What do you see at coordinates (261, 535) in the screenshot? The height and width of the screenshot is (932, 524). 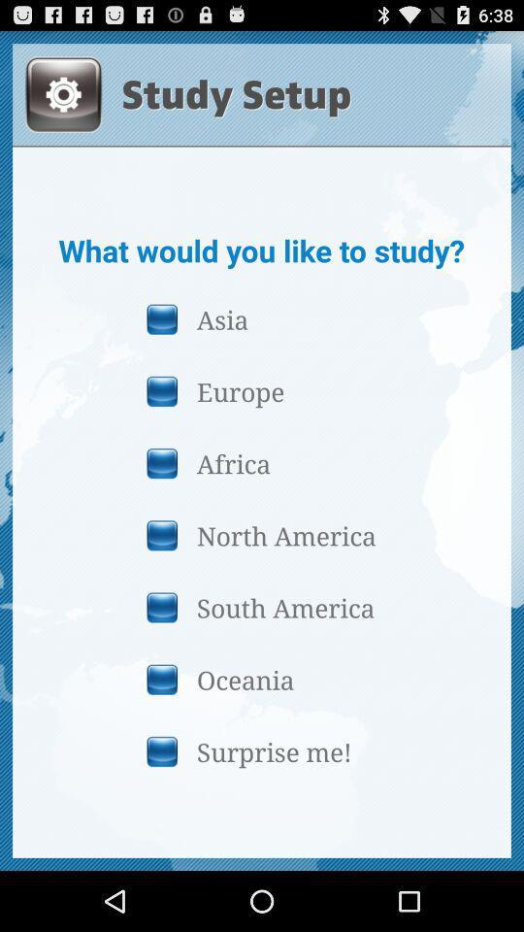 I see `icon below the africa button` at bounding box center [261, 535].